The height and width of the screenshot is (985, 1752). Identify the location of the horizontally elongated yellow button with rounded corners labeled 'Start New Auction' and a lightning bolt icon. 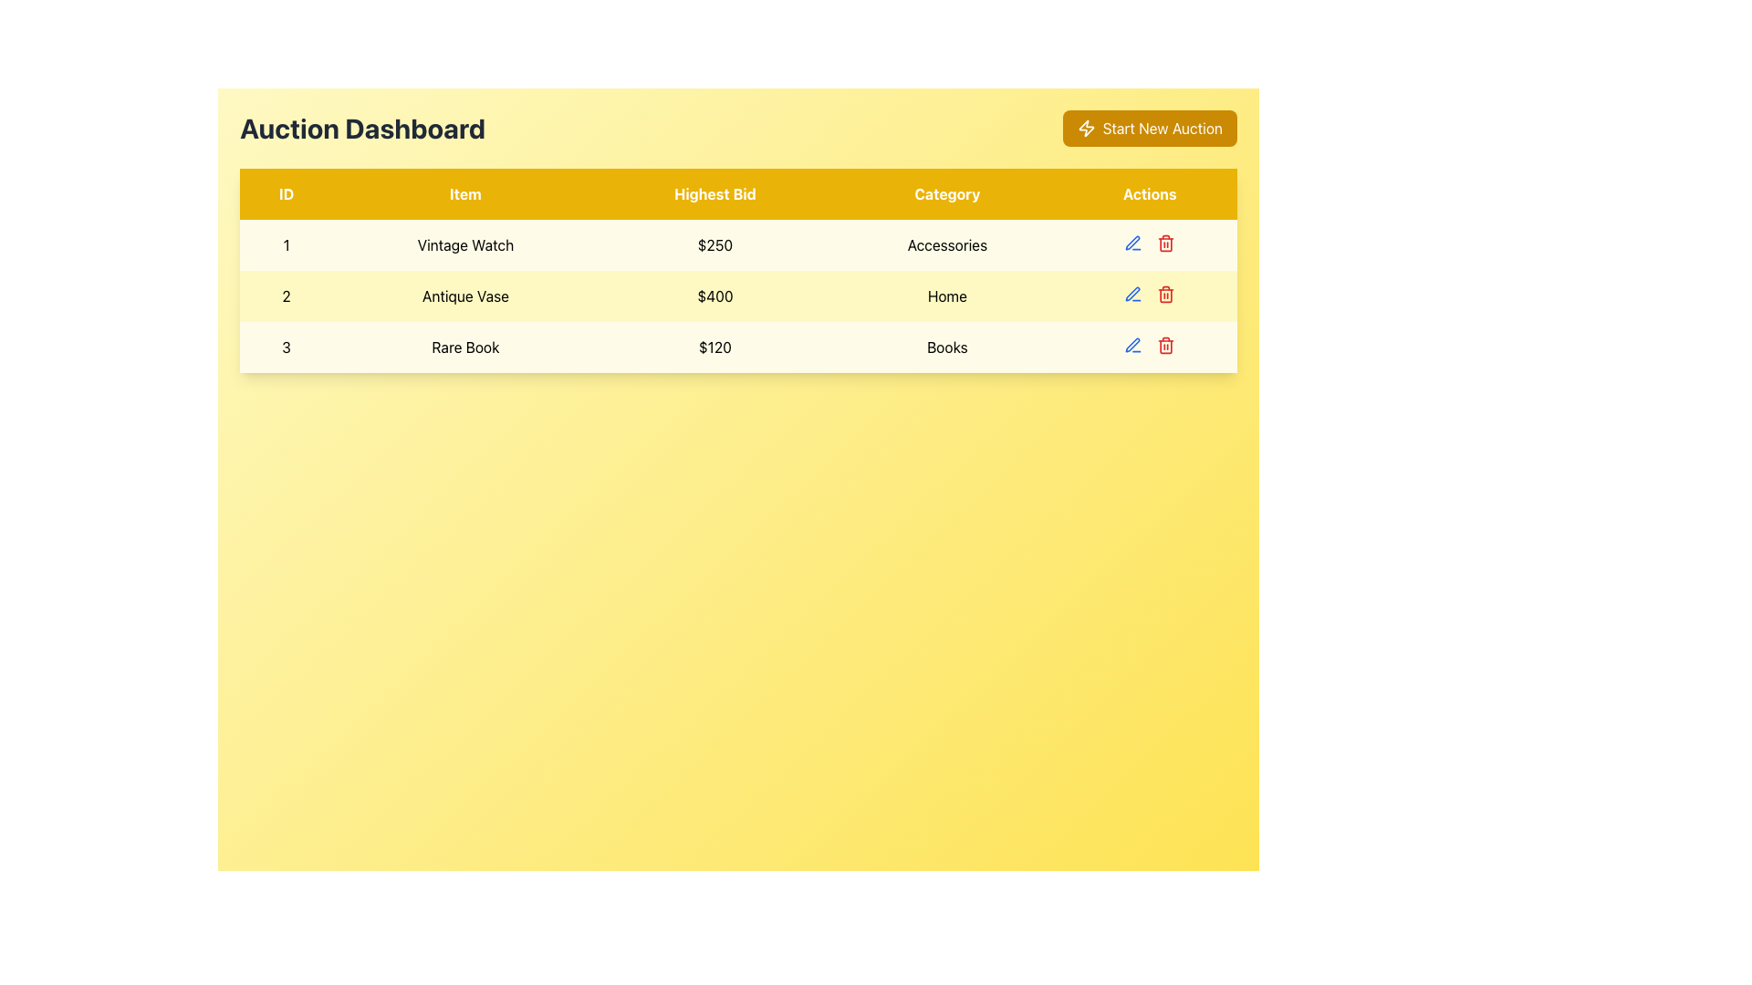
(1148, 128).